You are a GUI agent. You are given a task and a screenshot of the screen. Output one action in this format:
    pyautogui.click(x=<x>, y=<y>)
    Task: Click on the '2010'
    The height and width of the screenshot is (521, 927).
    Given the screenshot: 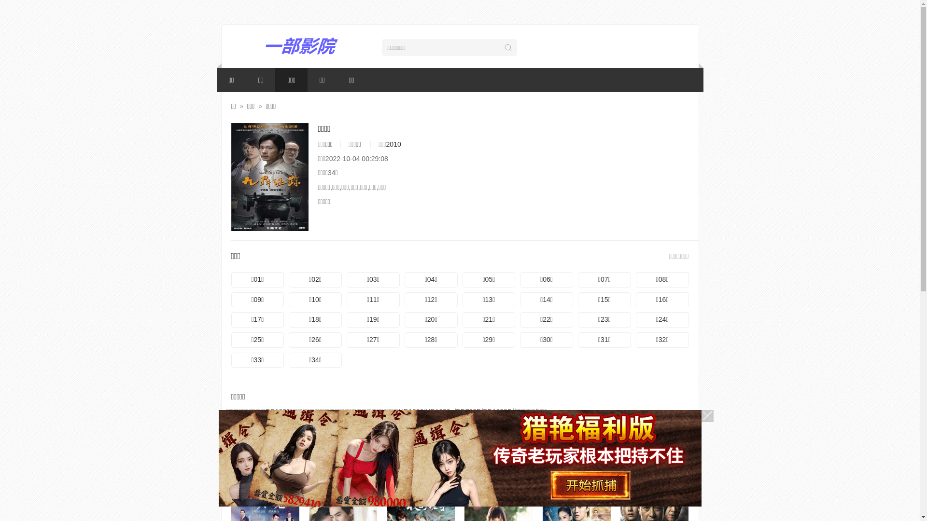 What is the action you would take?
    pyautogui.click(x=386, y=144)
    